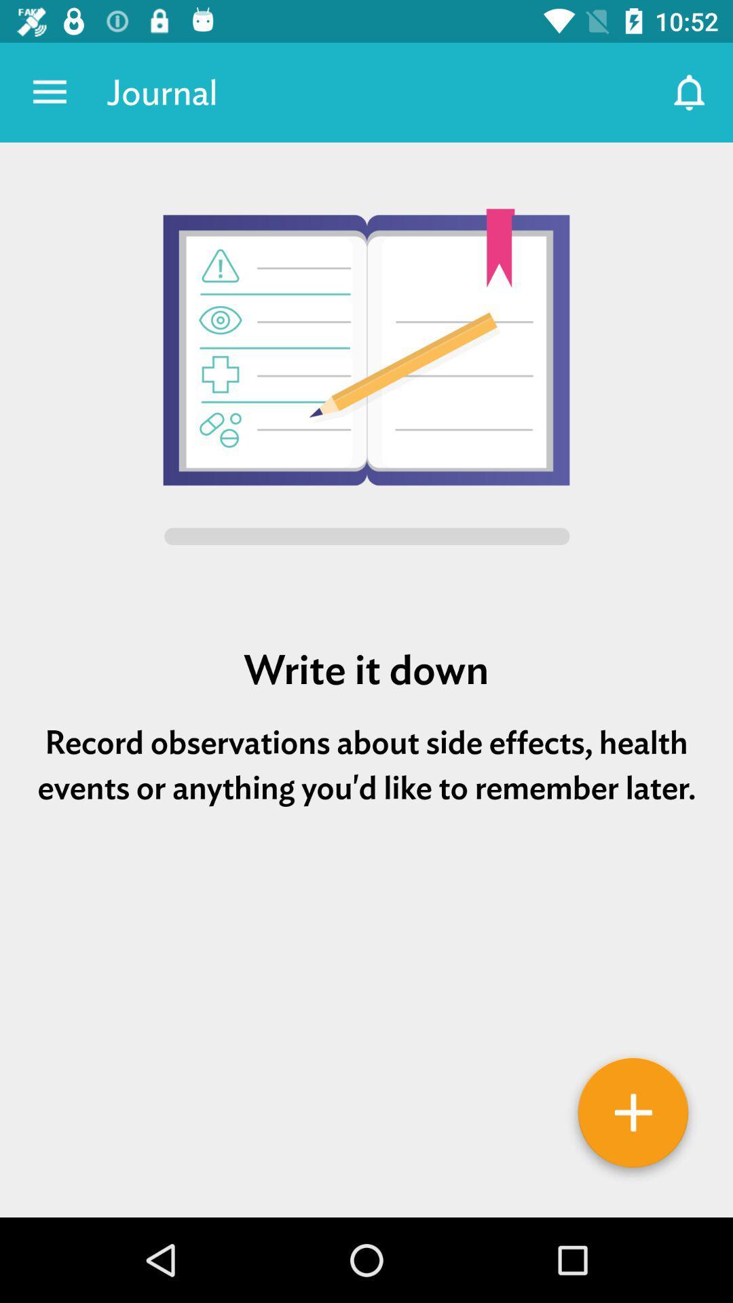 Image resolution: width=733 pixels, height=1303 pixels. What do you see at coordinates (366, 670) in the screenshot?
I see `icon above record observations about icon` at bounding box center [366, 670].